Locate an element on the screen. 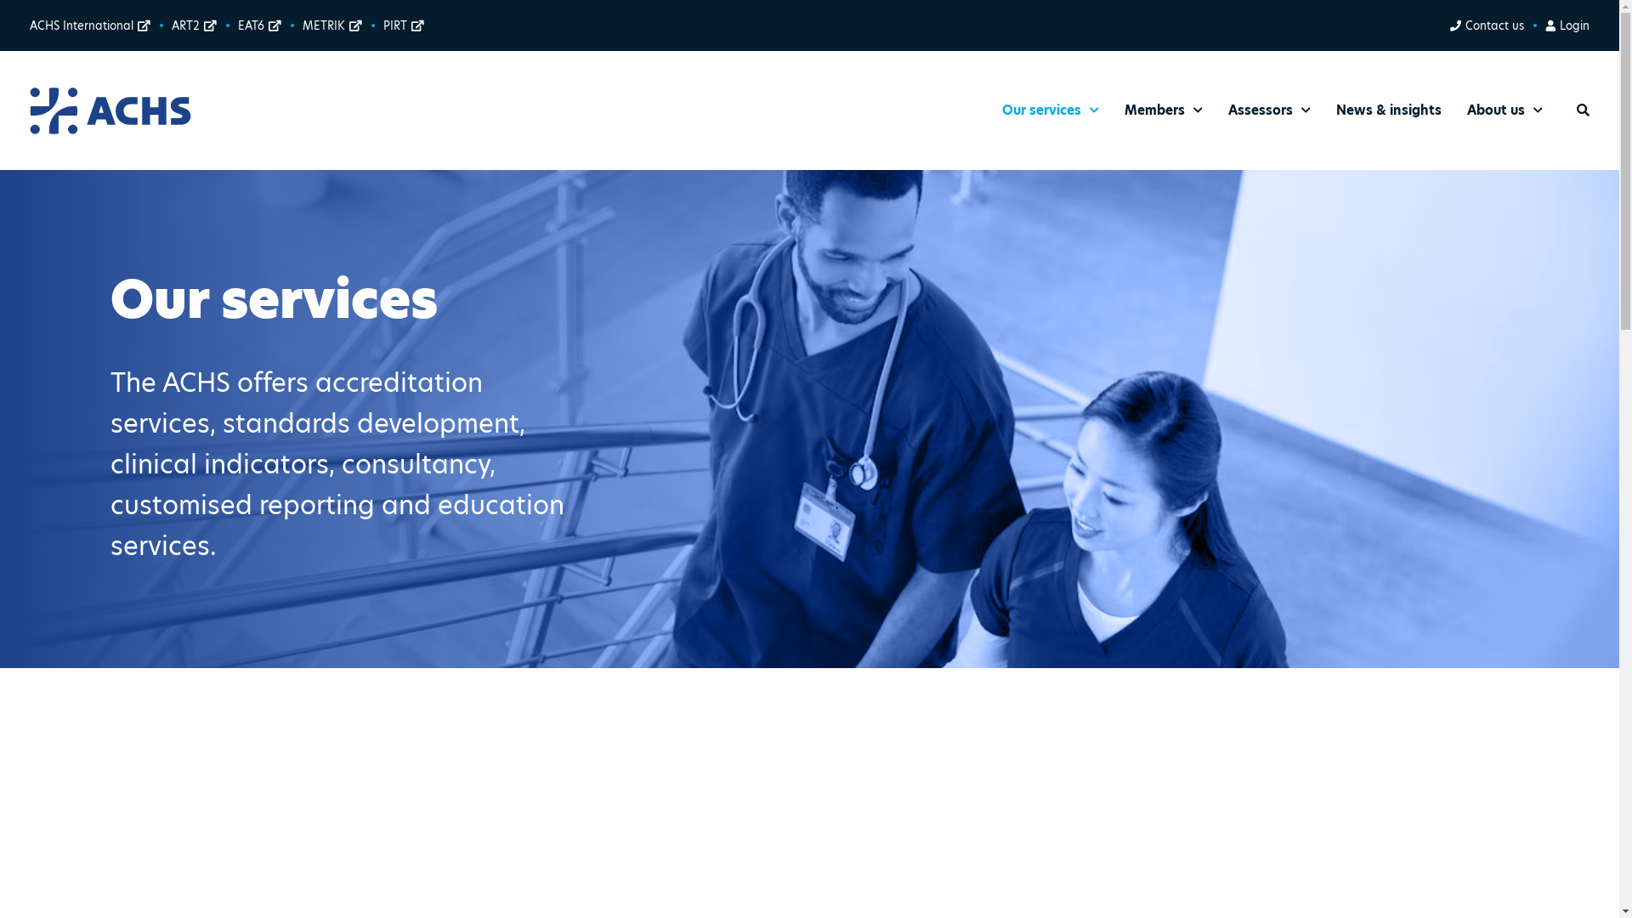 Image resolution: width=1632 pixels, height=918 pixels. 'Contact us' is located at coordinates (1485, 25).